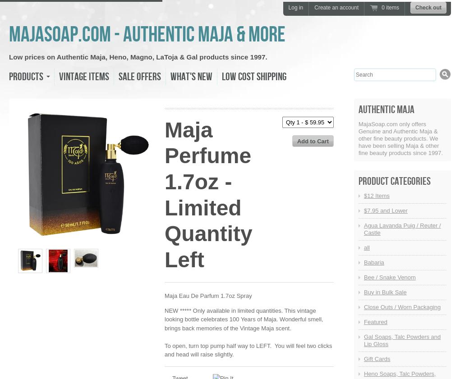 This screenshot has height=379, width=460. Describe the element at coordinates (385, 210) in the screenshot. I see `'$7.95 and Lower'` at that location.